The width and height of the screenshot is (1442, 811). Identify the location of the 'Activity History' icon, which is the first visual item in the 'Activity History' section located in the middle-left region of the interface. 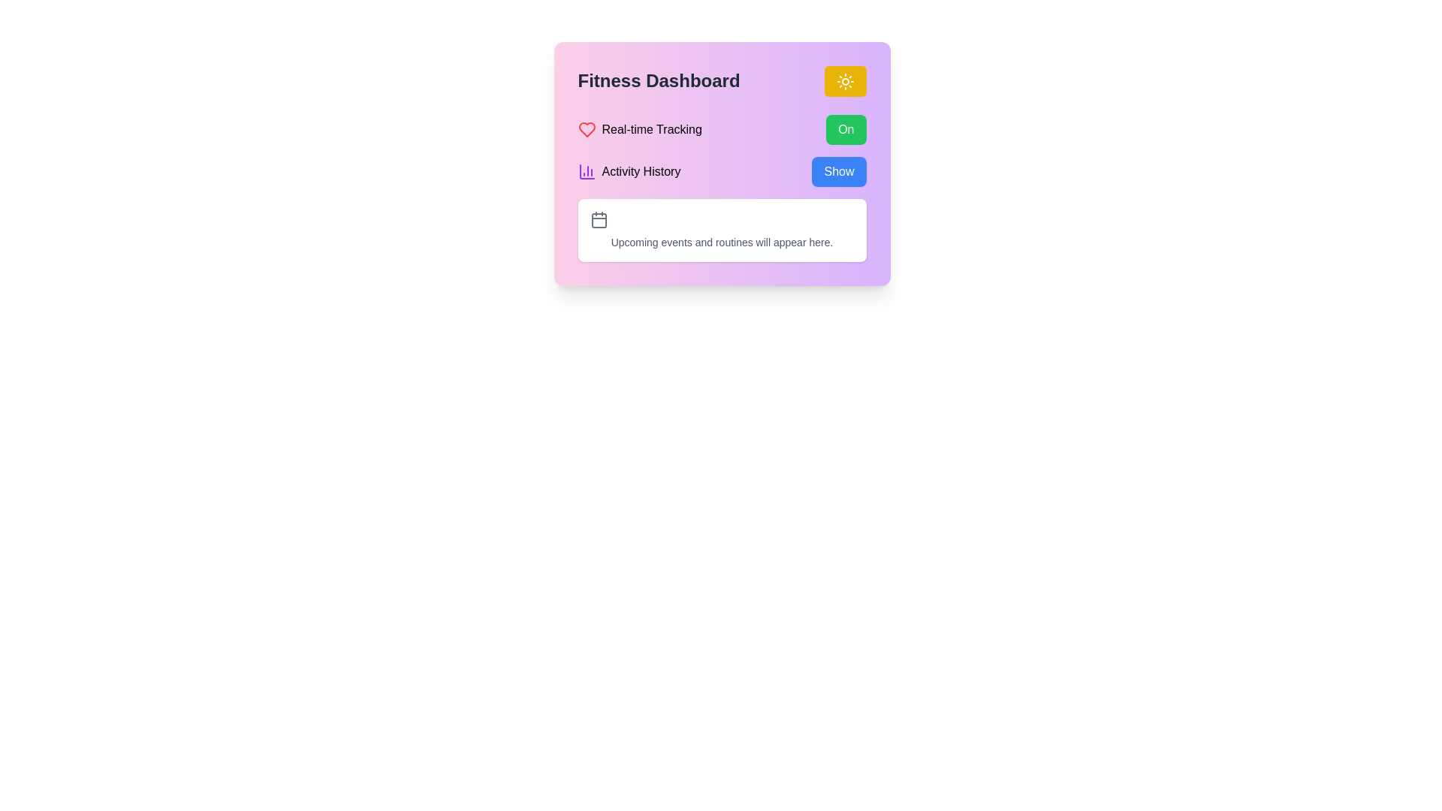
(586, 170).